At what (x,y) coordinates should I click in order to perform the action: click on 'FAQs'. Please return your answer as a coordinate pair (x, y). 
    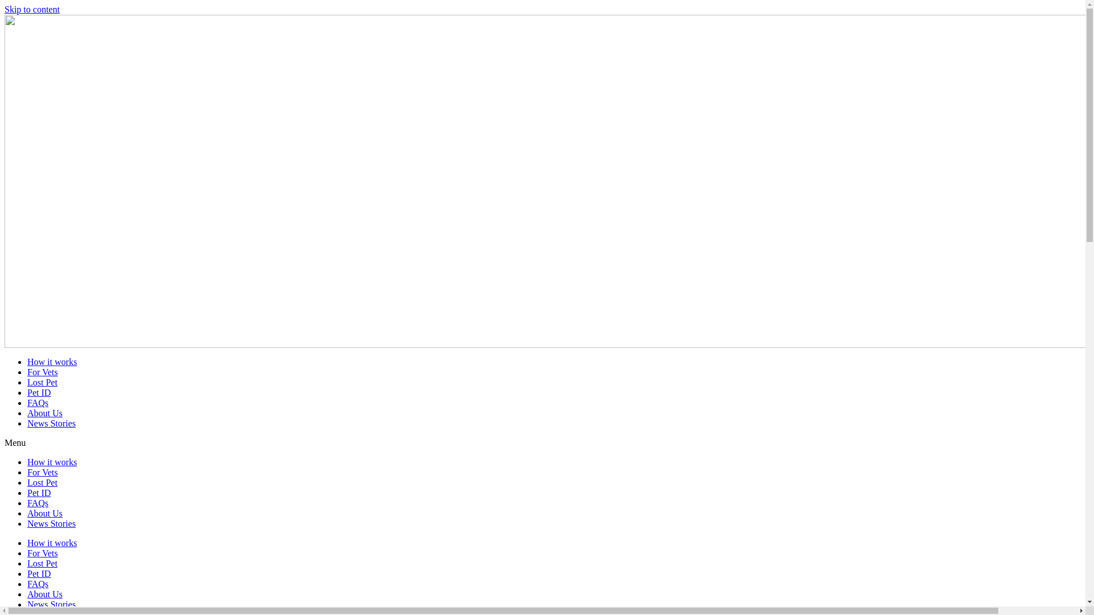
    Looking at the image, I should click on (38, 584).